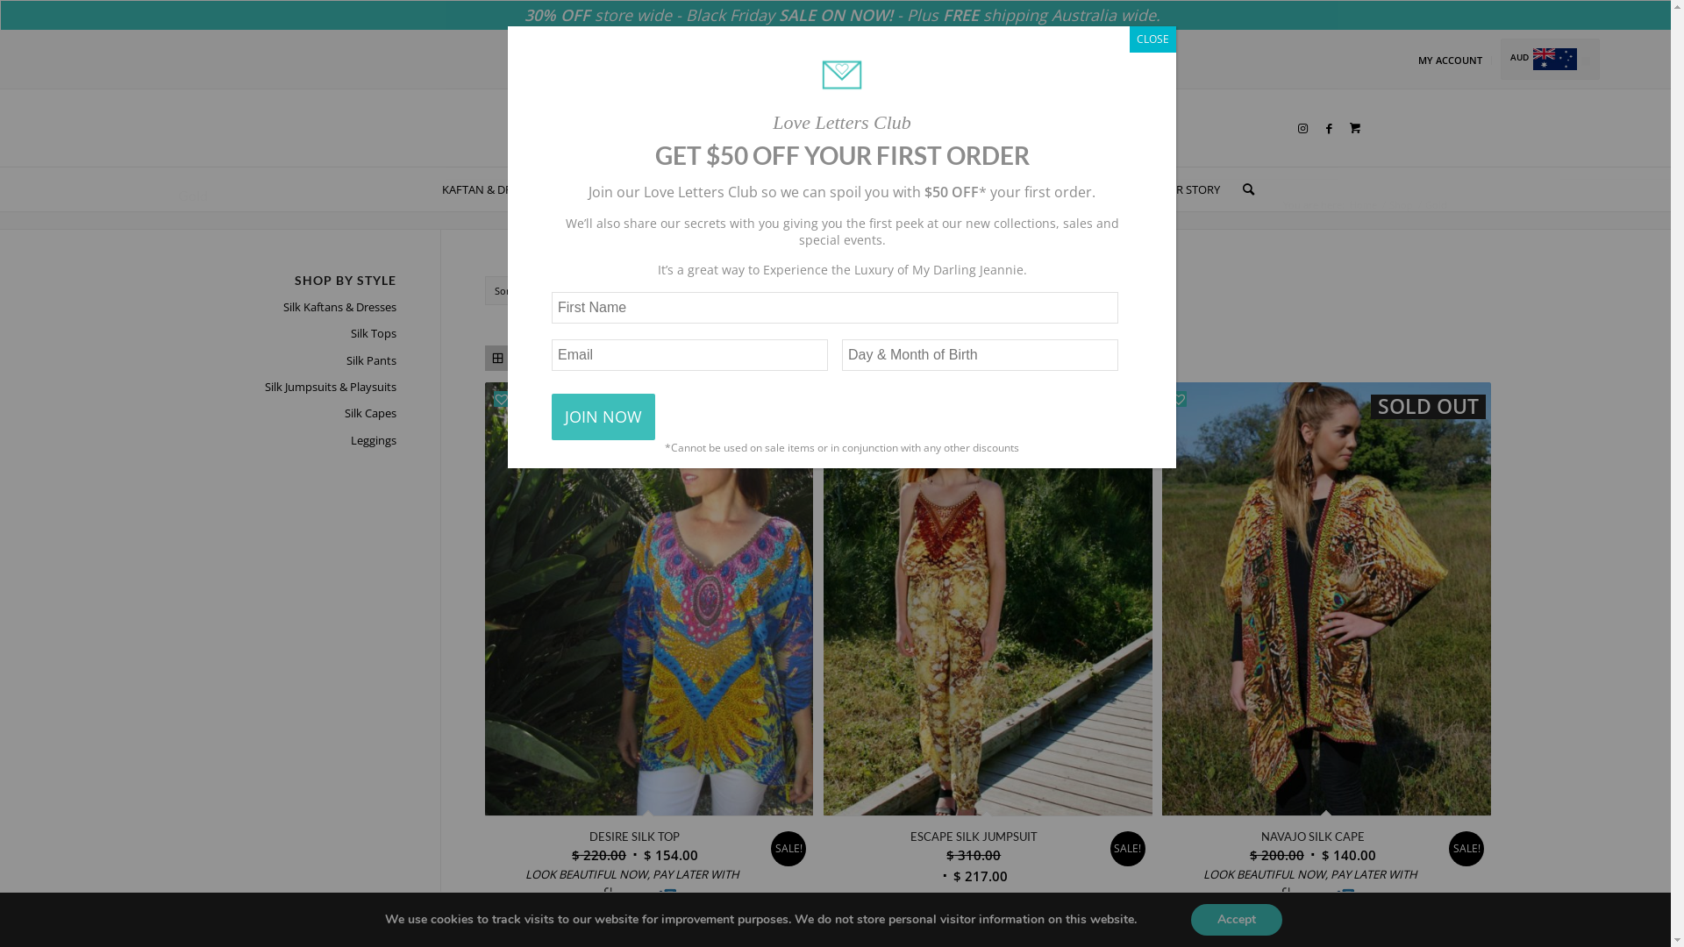 Image resolution: width=1684 pixels, height=947 pixels. What do you see at coordinates (286, 387) in the screenshot?
I see `'Silk Jumpsuits & Playsuits'` at bounding box center [286, 387].